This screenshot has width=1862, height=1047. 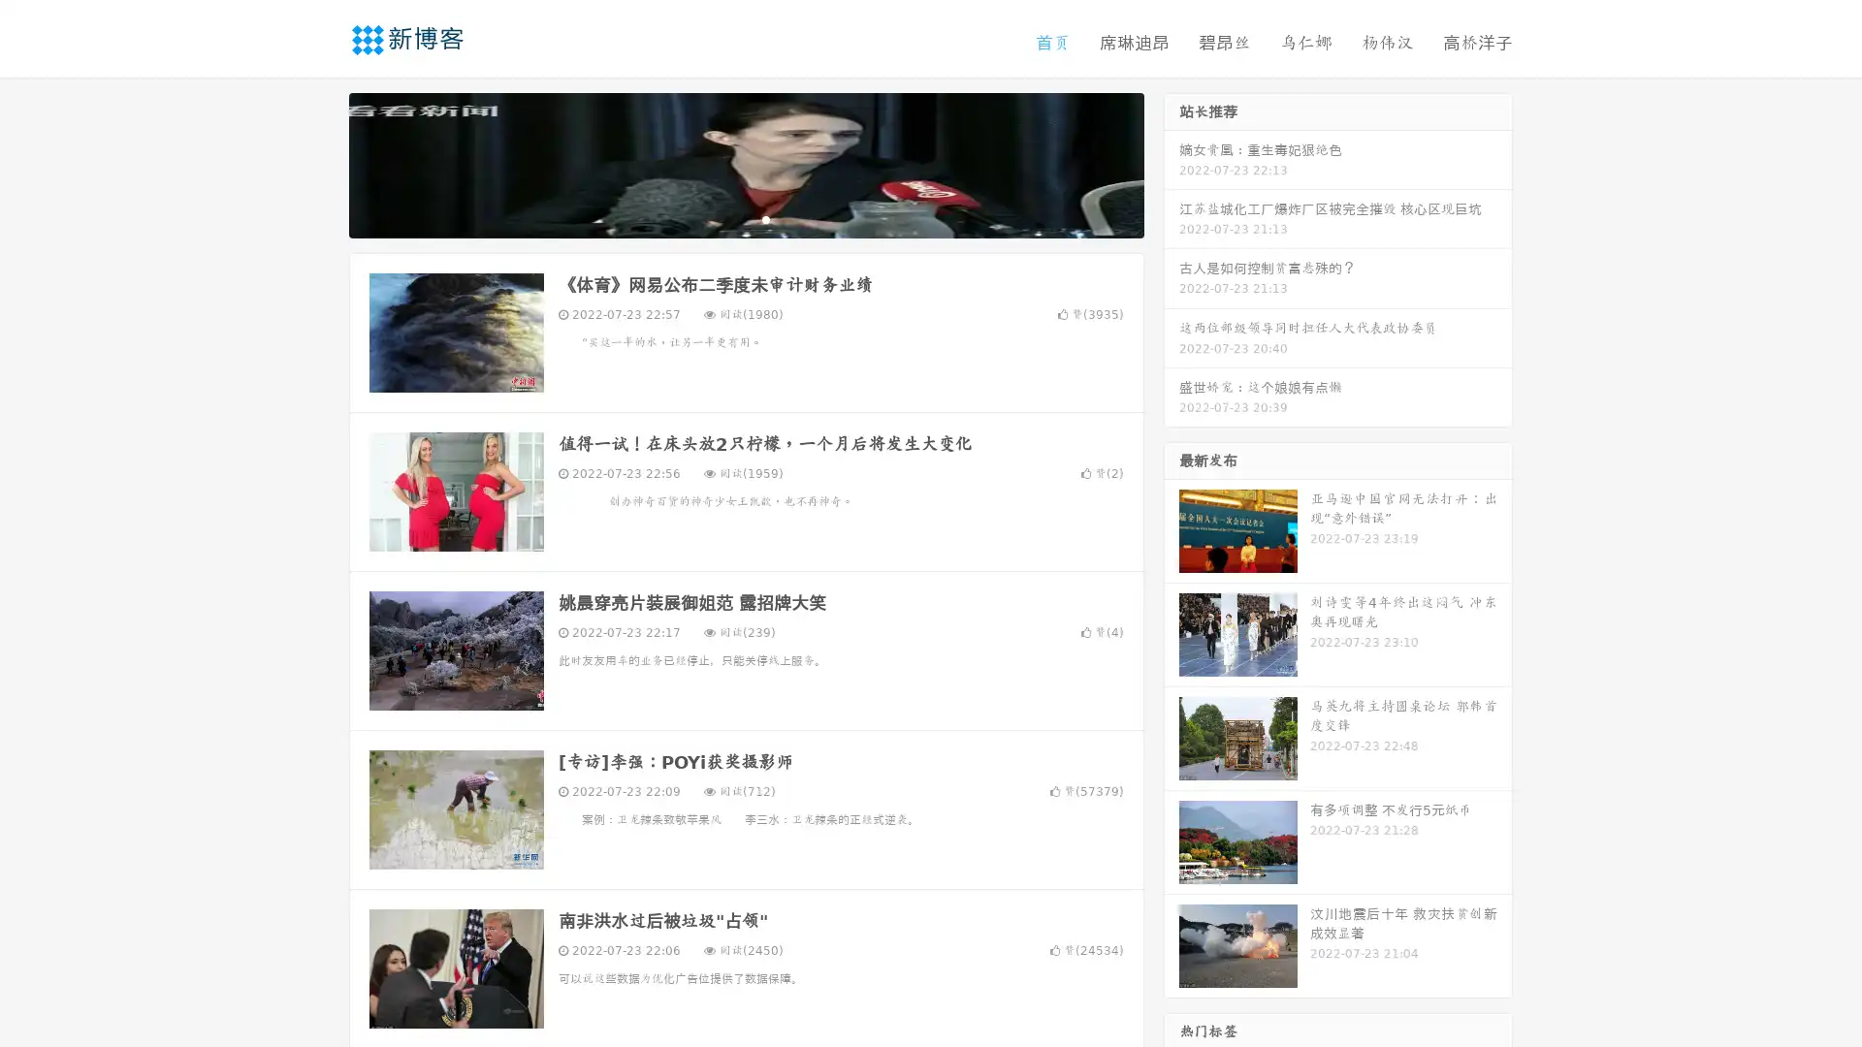 I want to click on Go to slide 1, so click(x=725, y=218).